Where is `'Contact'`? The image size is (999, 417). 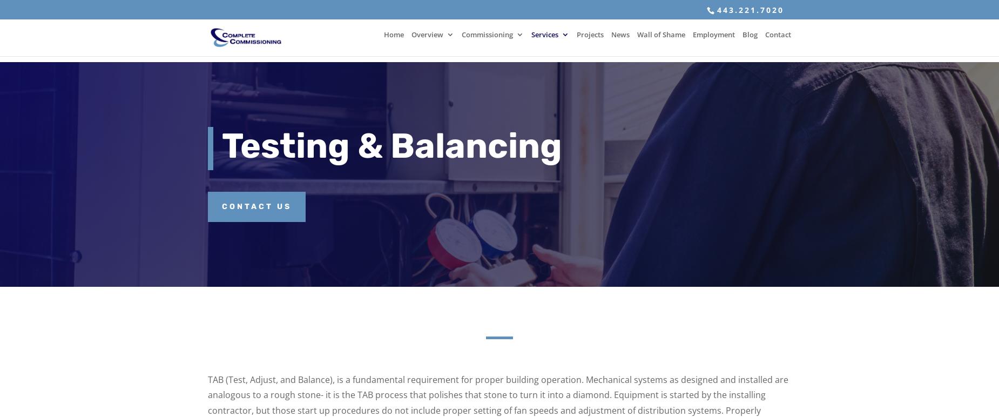 'Contact' is located at coordinates (778, 41).